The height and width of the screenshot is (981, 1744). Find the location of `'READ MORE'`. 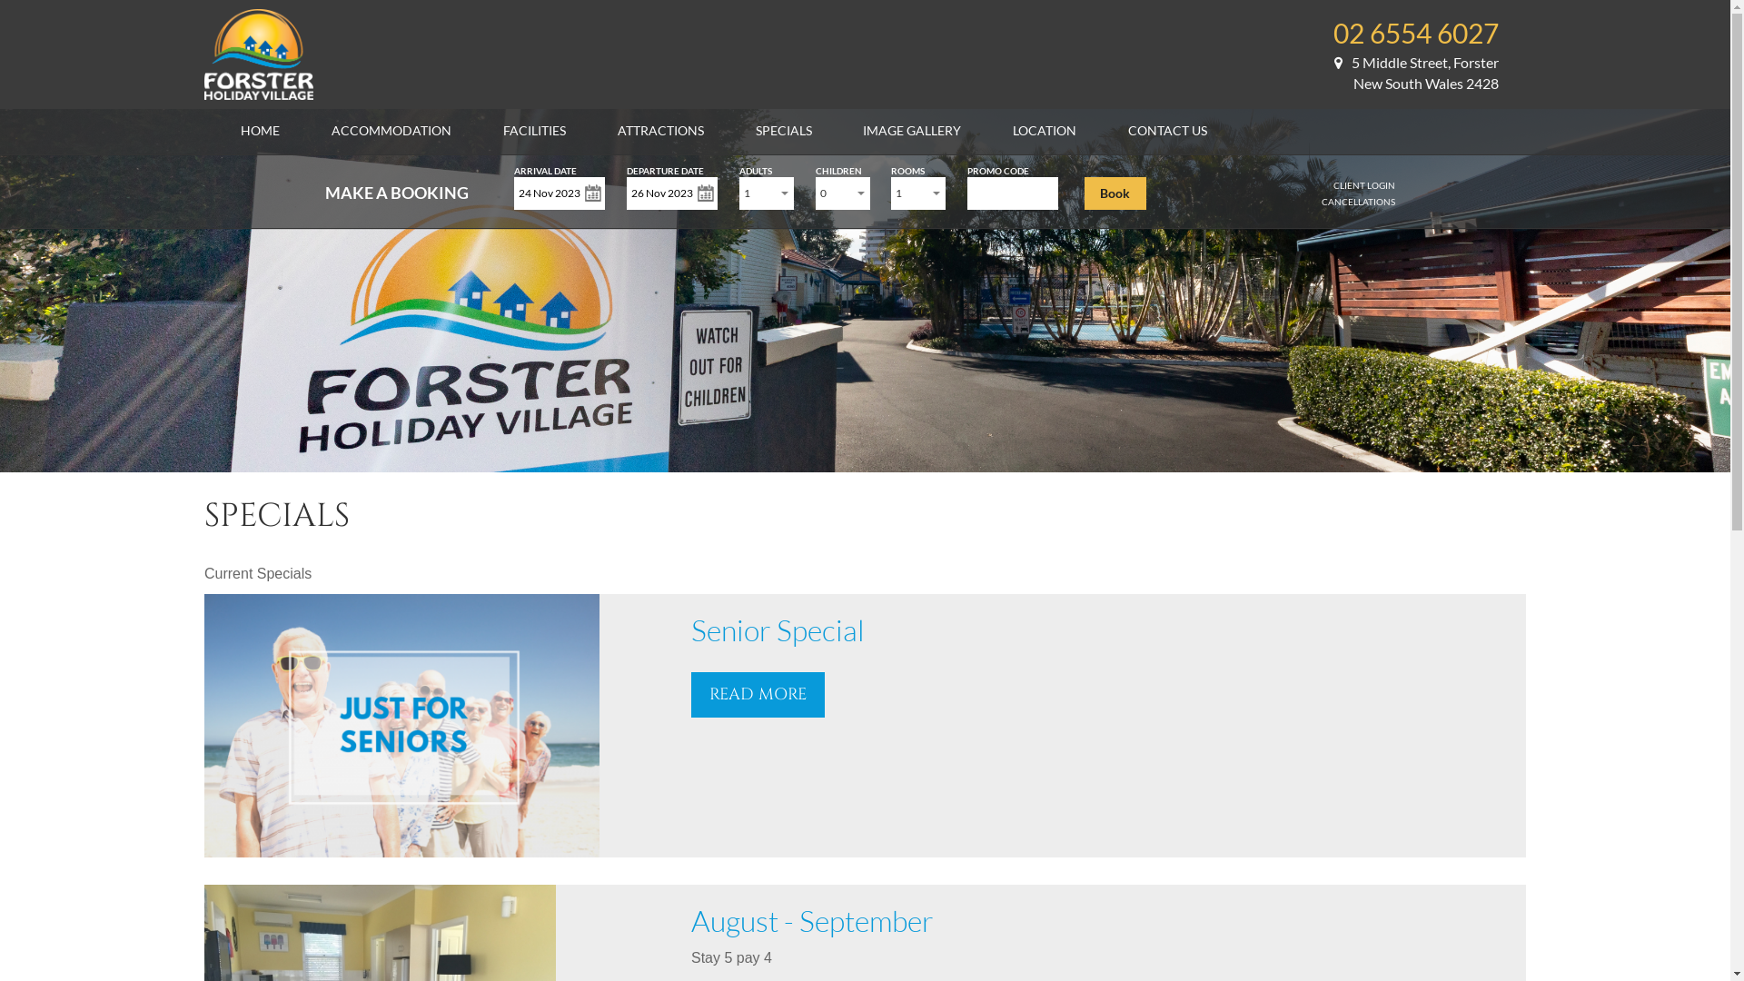

'READ MORE' is located at coordinates (758, 694).